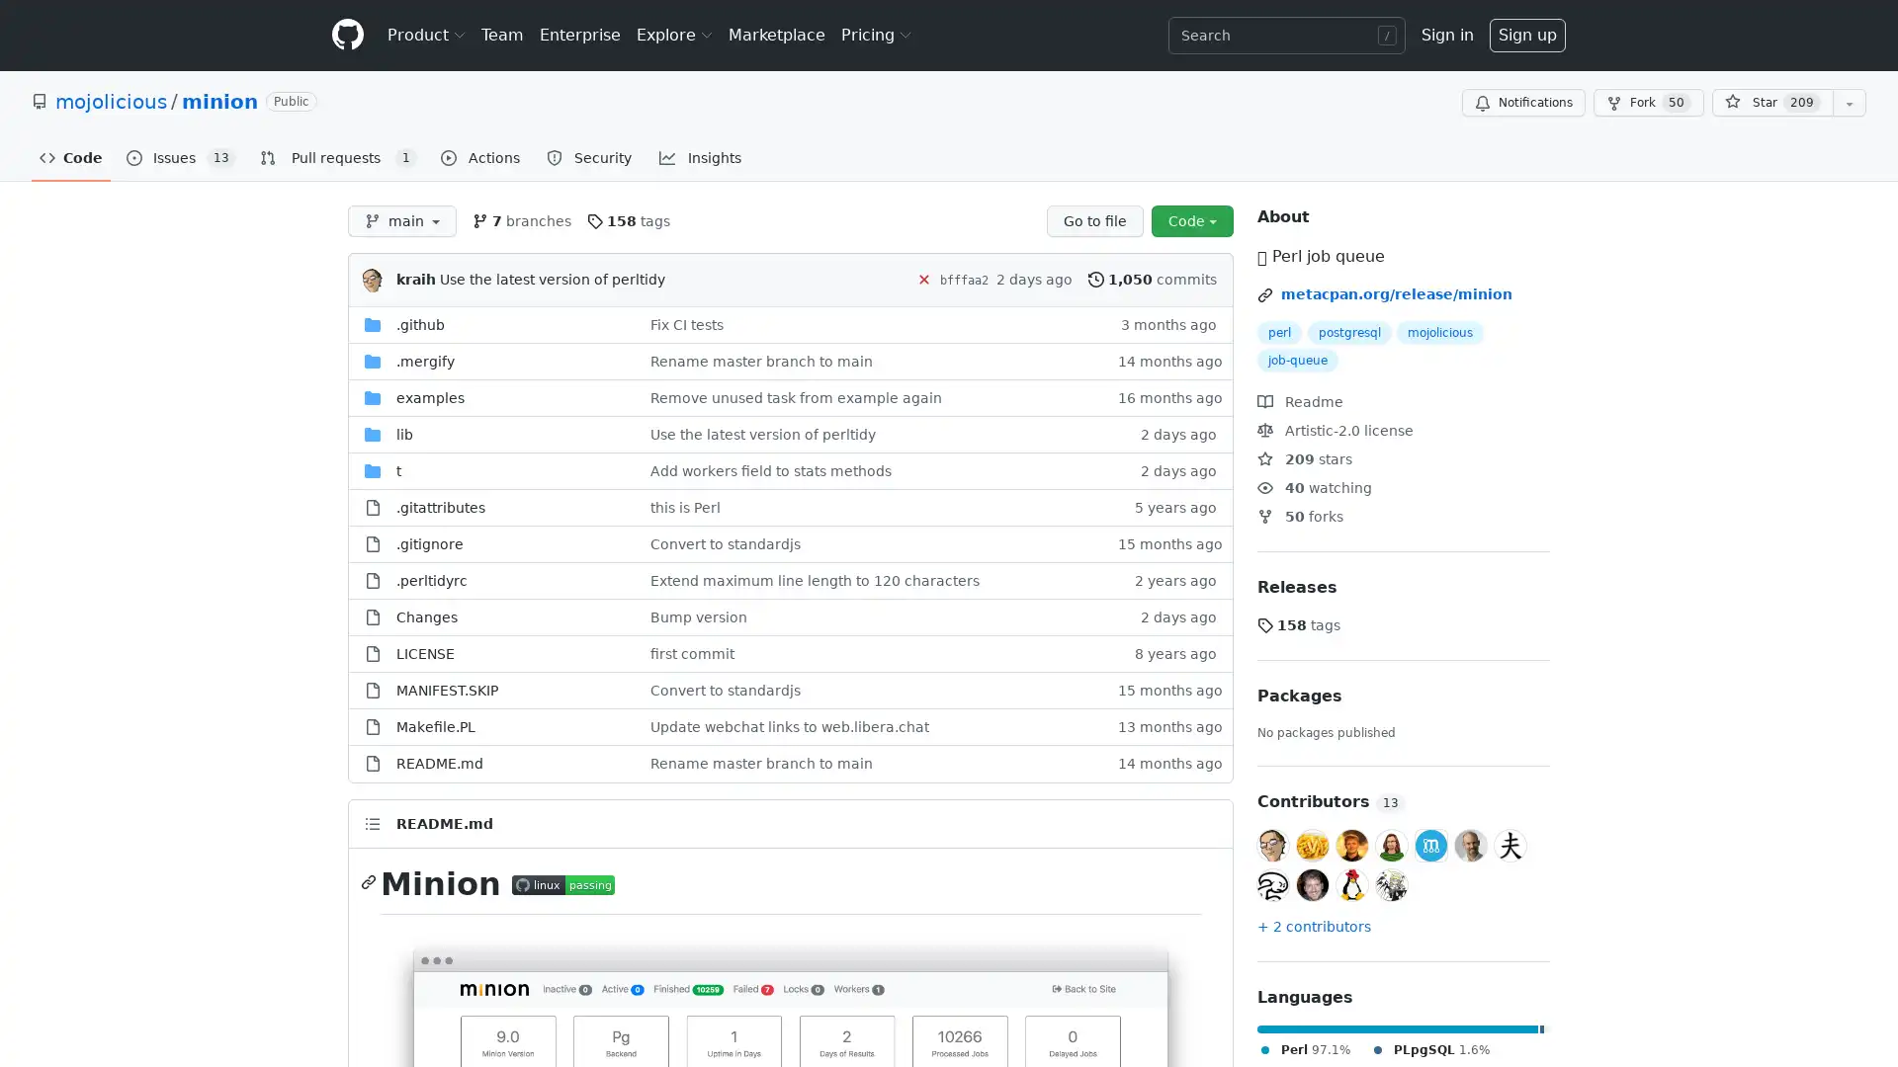  Describe the element at coordinates (1849, 103) in the screenshot. I see `You must be signed in to add this repository to a list` at that location.